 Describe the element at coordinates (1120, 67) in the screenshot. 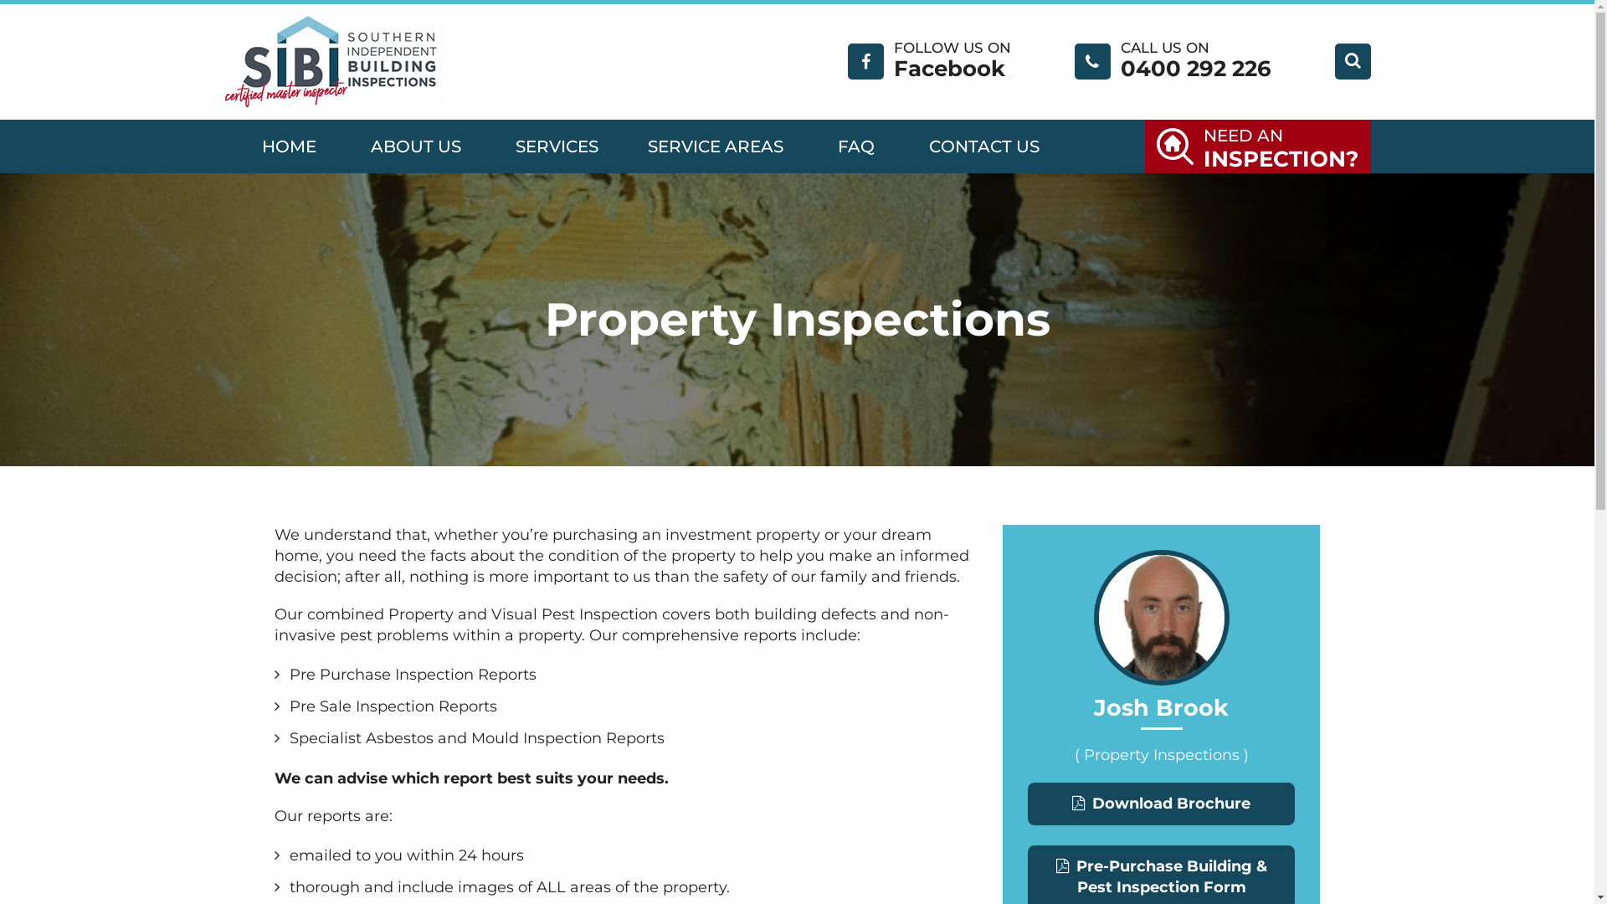

I see `'0400 292 226'` at that location.